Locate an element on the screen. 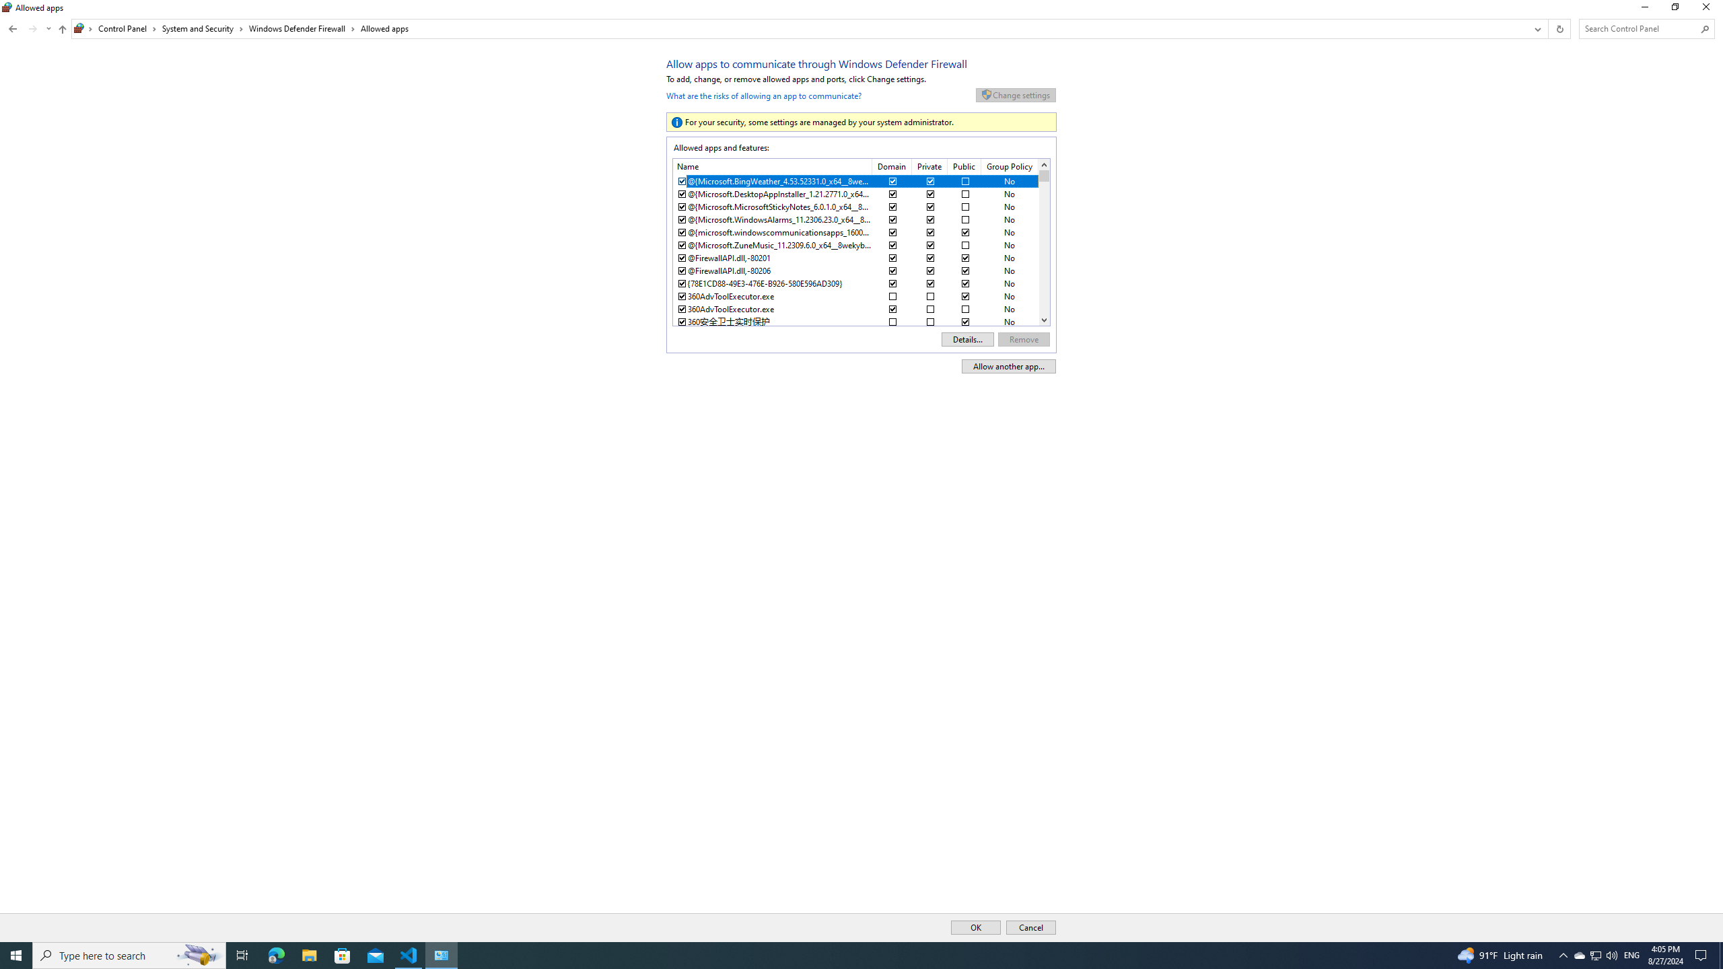 The width and height of the screenshot is (1723, 969). 'Search highlights icon opens search home window' is located at coordinates (198, 954).